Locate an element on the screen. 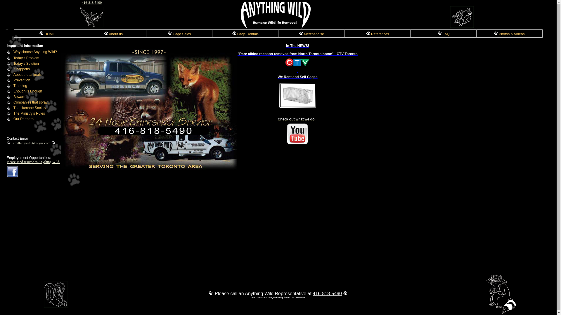 The height and width of the screenshot is (315, 561). 'Photos & Videos' is located at coordinates (509, 34).